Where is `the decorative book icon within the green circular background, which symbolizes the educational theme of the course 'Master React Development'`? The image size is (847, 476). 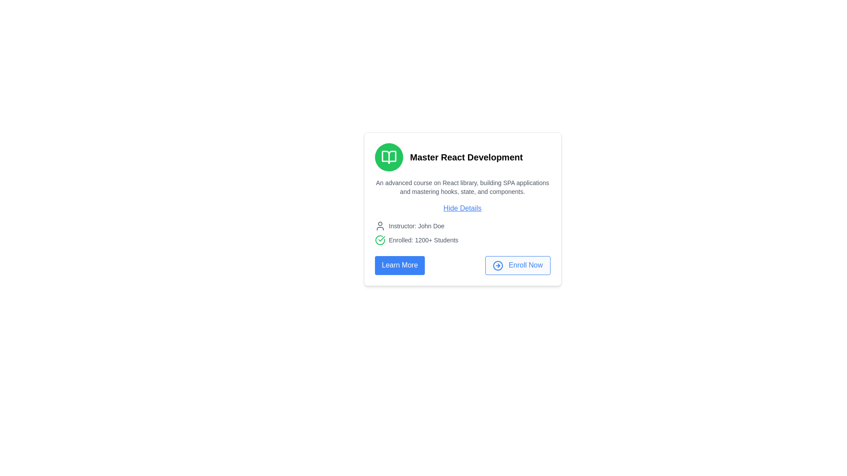
the decorative book icon within the green circular background, which symbolizes the educational theme of the course 'Master React Development' is located at coordinates (388, 157).